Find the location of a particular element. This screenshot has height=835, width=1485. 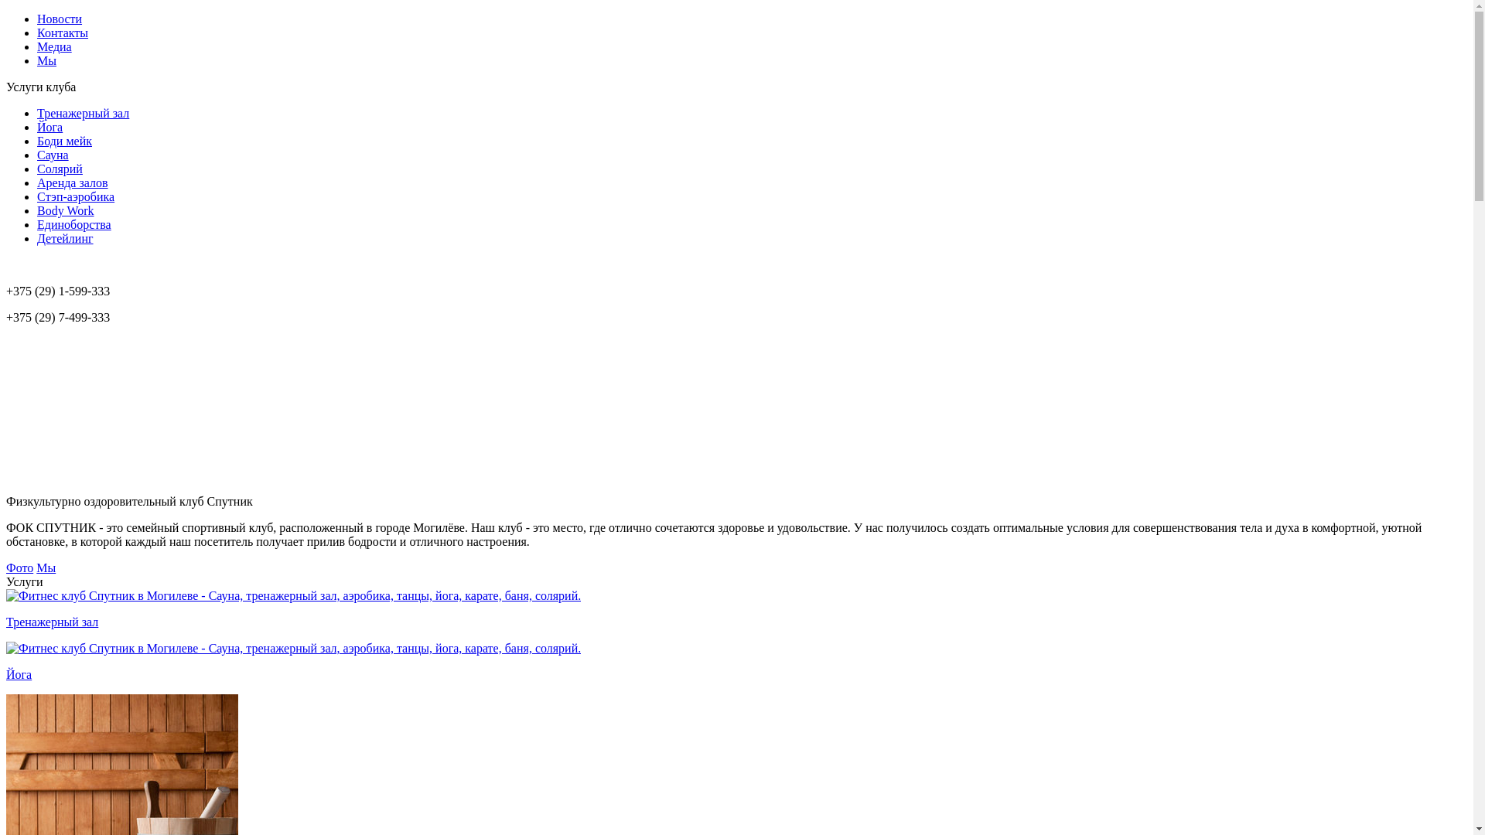

'Body Work' is located at coordinates (65, 210).